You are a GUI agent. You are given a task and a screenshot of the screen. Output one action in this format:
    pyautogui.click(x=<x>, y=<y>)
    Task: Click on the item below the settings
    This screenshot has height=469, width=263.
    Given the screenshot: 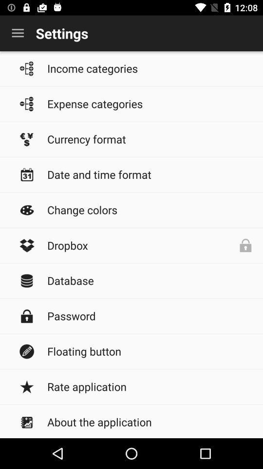 What is the action you would take?
    pyautogui.click(x=150, y=68)
    